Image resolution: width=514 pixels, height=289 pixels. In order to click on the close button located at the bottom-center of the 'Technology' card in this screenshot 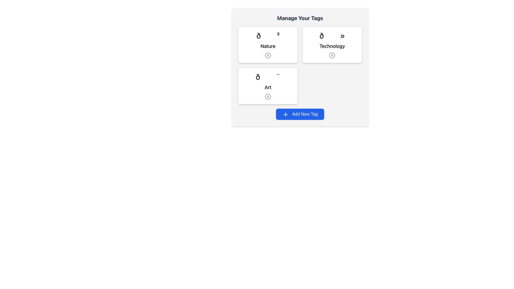, I will do `click(332, 55)`.